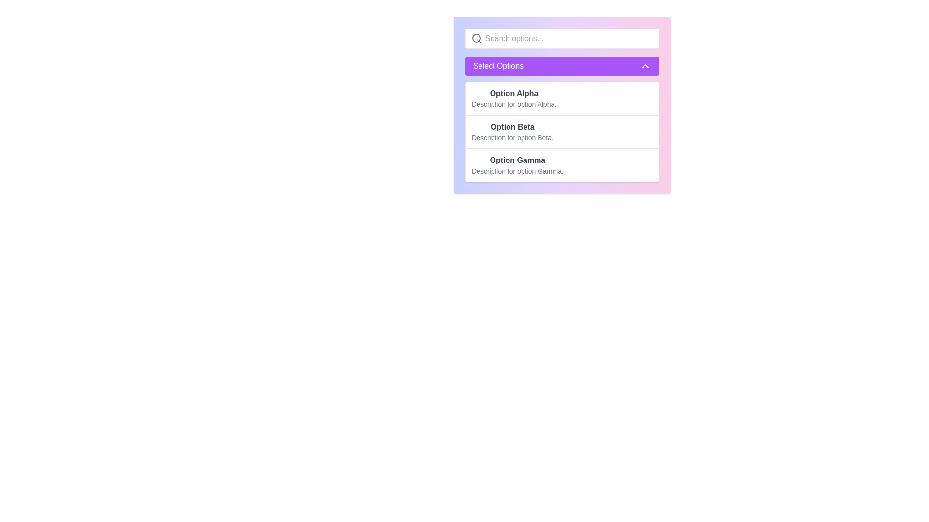  Describe the element at coordinates (512, 132) in the screenshot. I see `to select the list item with bold title text 'Option Beta' located in the second position of the dropdown menu` at that location.